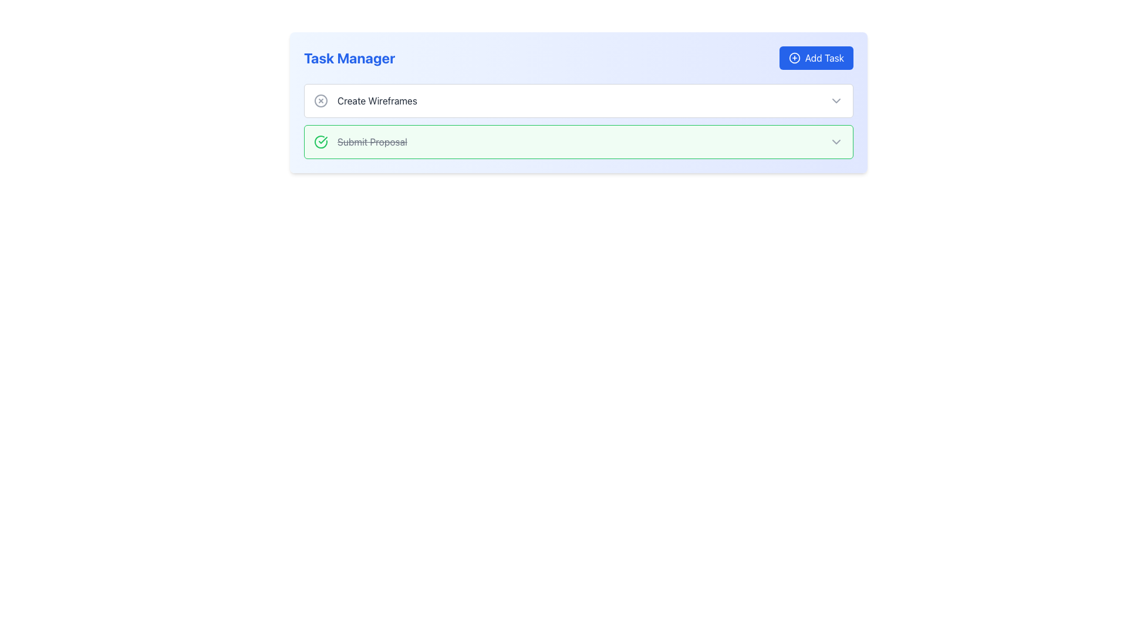 The image size is (1127, 634). I want to click on the 'Add Task' button located at the top-right corner of the interface, so click(815, 58).